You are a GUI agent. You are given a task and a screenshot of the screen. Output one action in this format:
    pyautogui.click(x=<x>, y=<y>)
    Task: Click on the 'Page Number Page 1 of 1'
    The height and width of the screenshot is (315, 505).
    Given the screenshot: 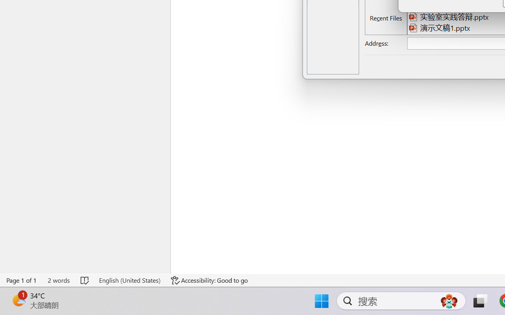 What is the action you would take?
    pyautogui.click(x=22, y=280)
    